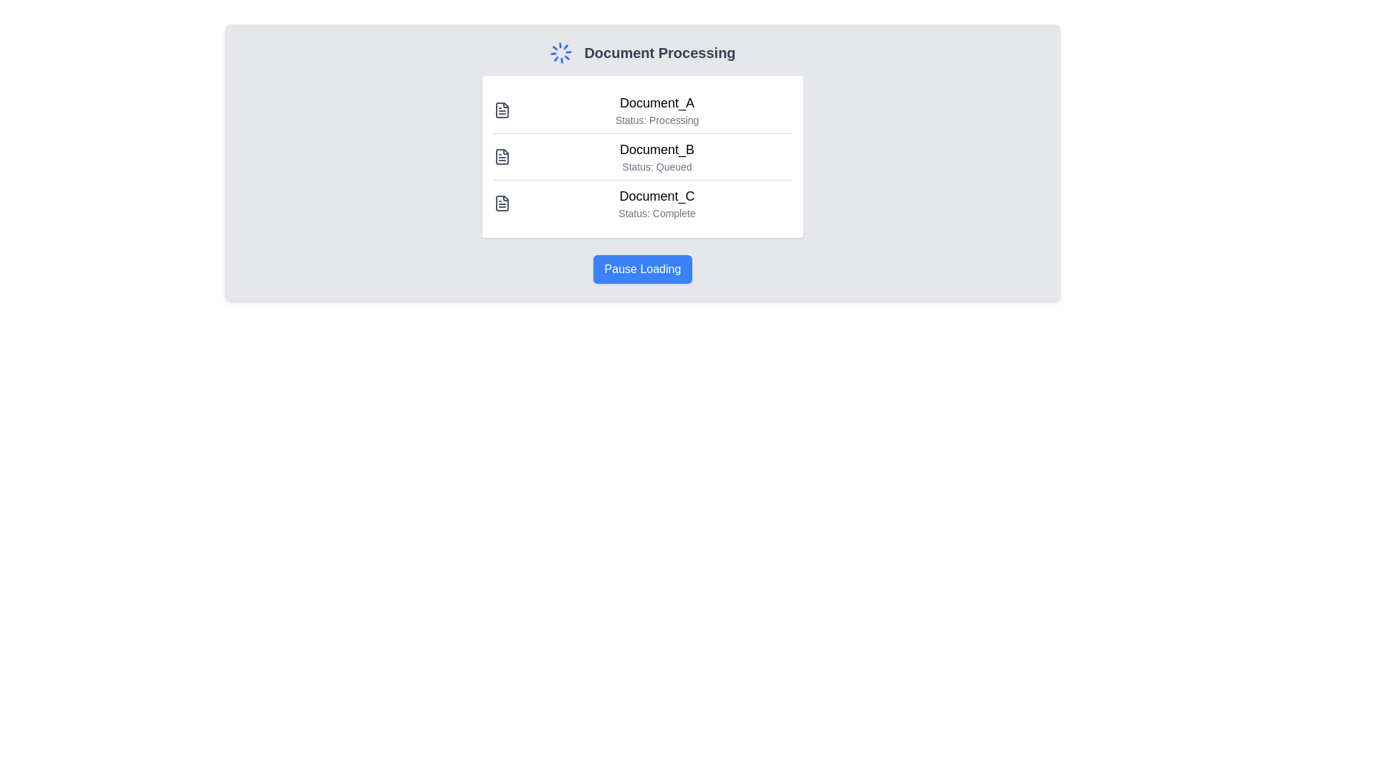 This screenshot has height=774, width=1376. Describe the element at coordinates (642, 269) in the screenshot. I see `the rounded rectangular button with a blue background and white text that reads 'Pause Loading'` at that location.